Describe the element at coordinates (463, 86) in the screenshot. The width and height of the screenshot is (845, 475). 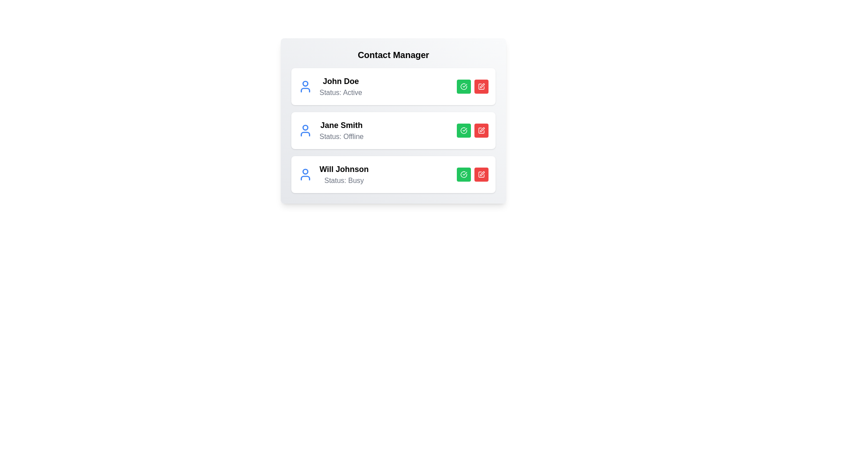
I see `'Activate' button for the contact with name John Doe` at that location.